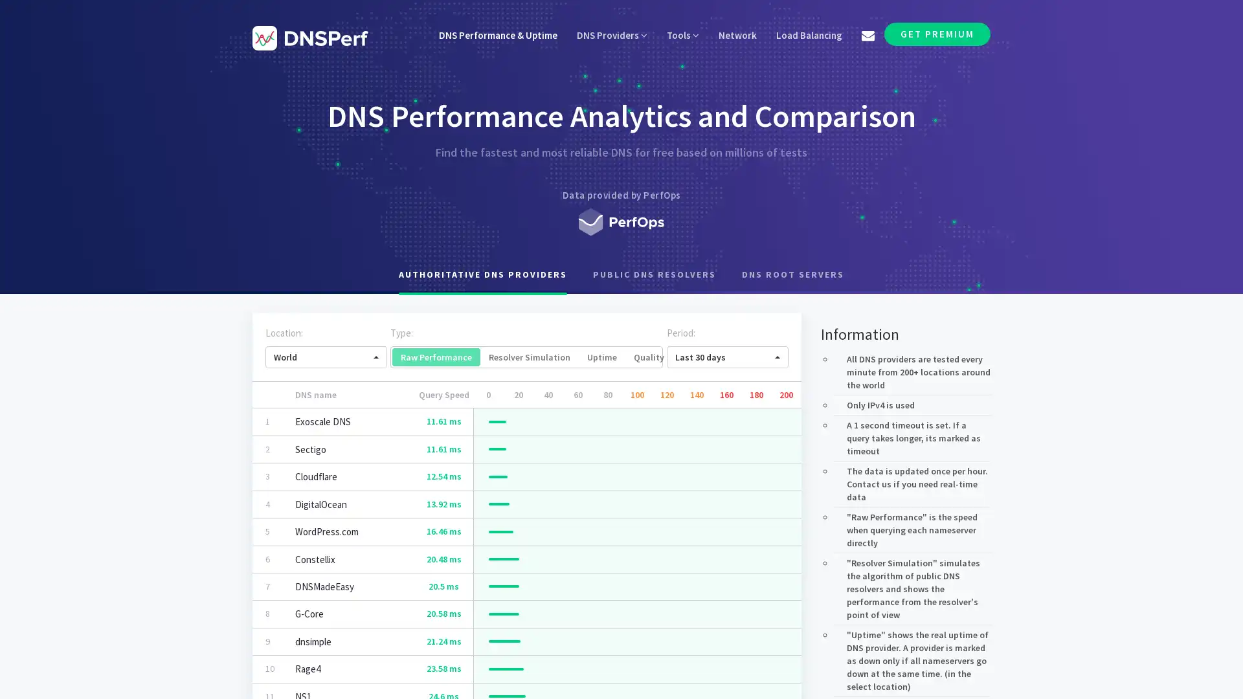  I want to click on Last 30 days, so click(727, 357).